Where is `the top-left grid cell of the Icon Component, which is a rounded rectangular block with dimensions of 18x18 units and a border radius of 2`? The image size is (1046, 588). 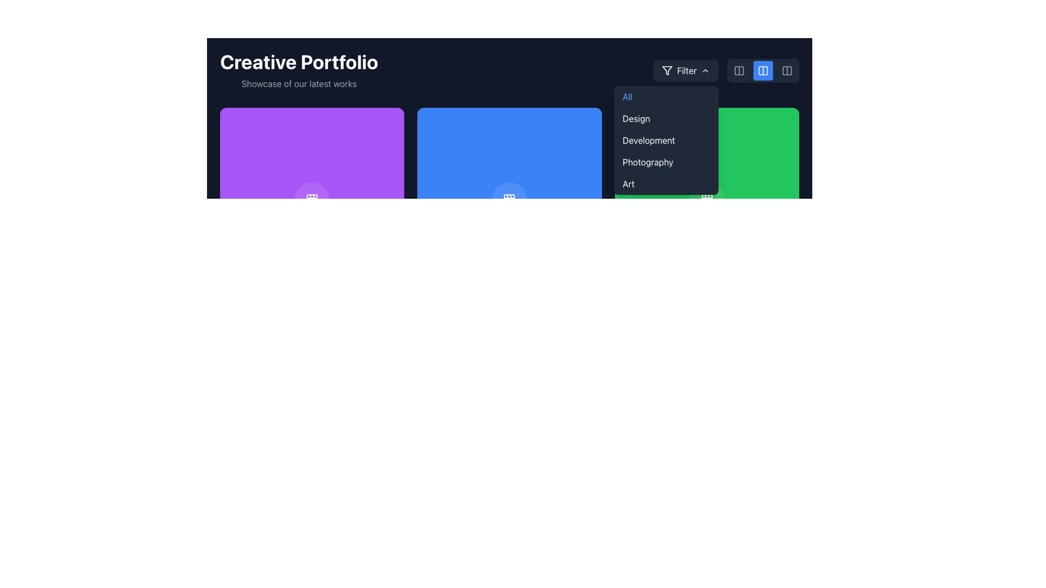
the top-left grid cell of the Icon Component, which is a rounded rectangular block with dimensions of 18x18 units and a border radius of 2 is located at coordinates (312, 200).